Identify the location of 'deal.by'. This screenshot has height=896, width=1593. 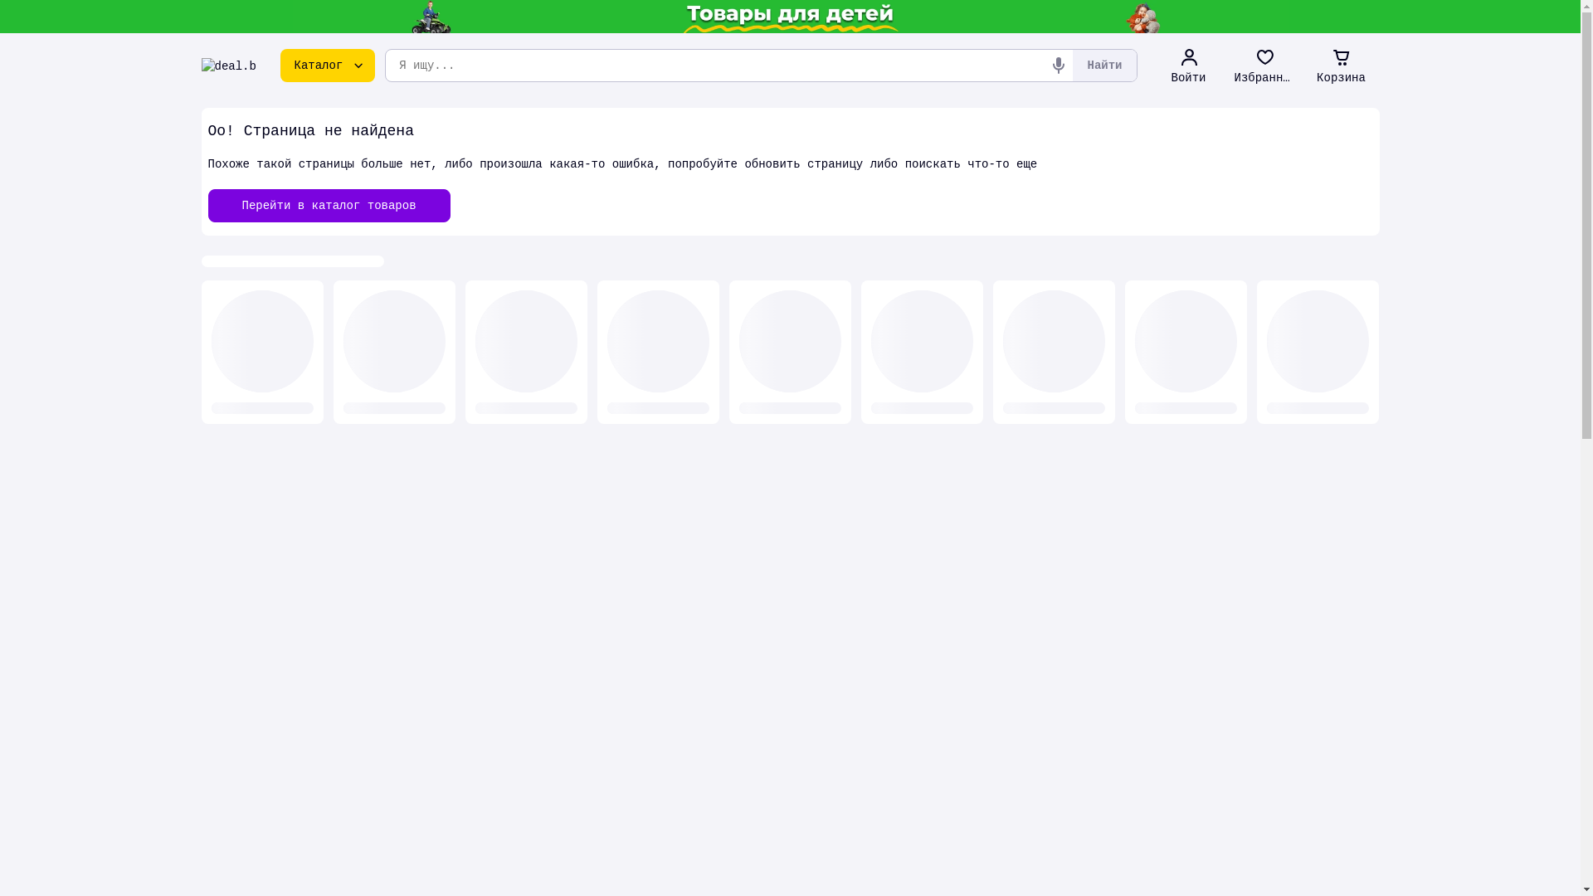
(227, 64).